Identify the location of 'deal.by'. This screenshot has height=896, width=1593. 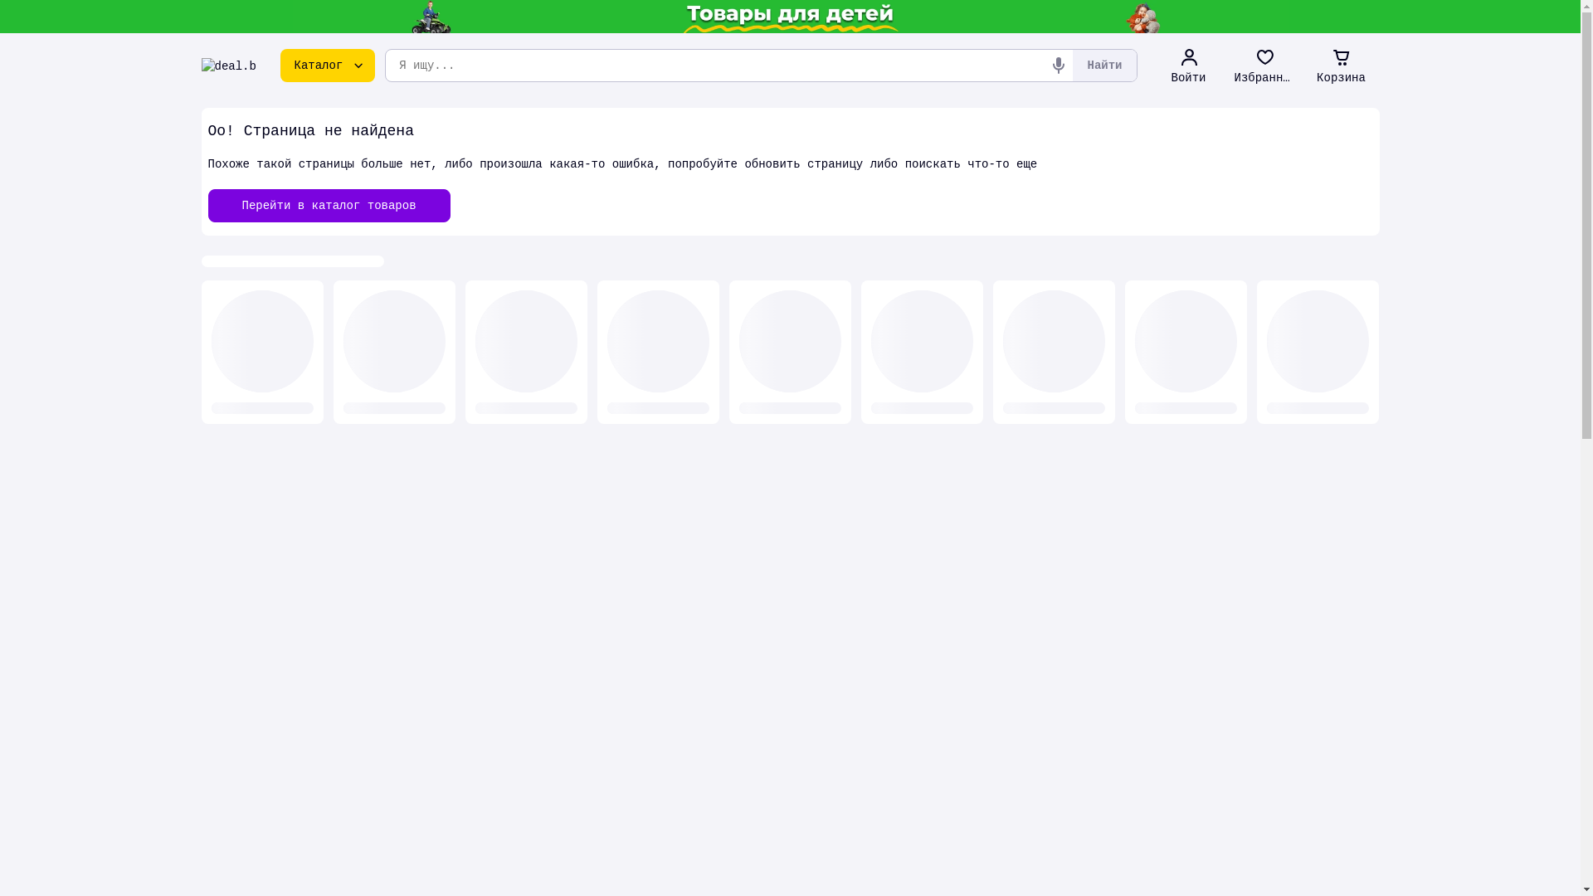
(227, 64).